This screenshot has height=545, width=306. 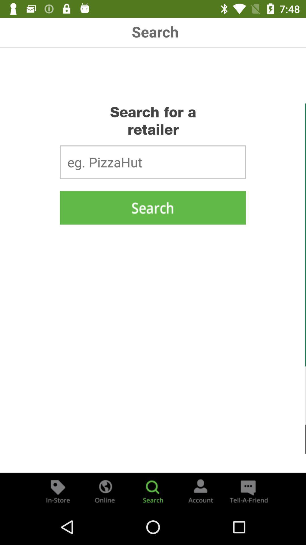 I want to click on type in a name of a retailer to search, so click(x=152, y=162).